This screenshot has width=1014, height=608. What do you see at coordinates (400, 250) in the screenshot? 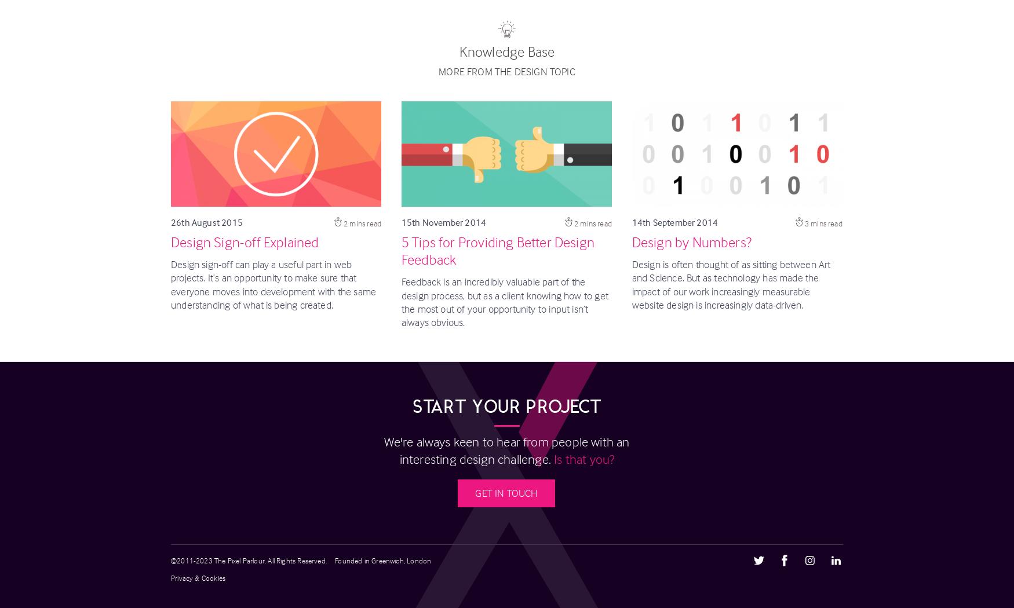
I see `'5 Tips for Providing Better Design Feedback'` at bounding box center [400, 250].